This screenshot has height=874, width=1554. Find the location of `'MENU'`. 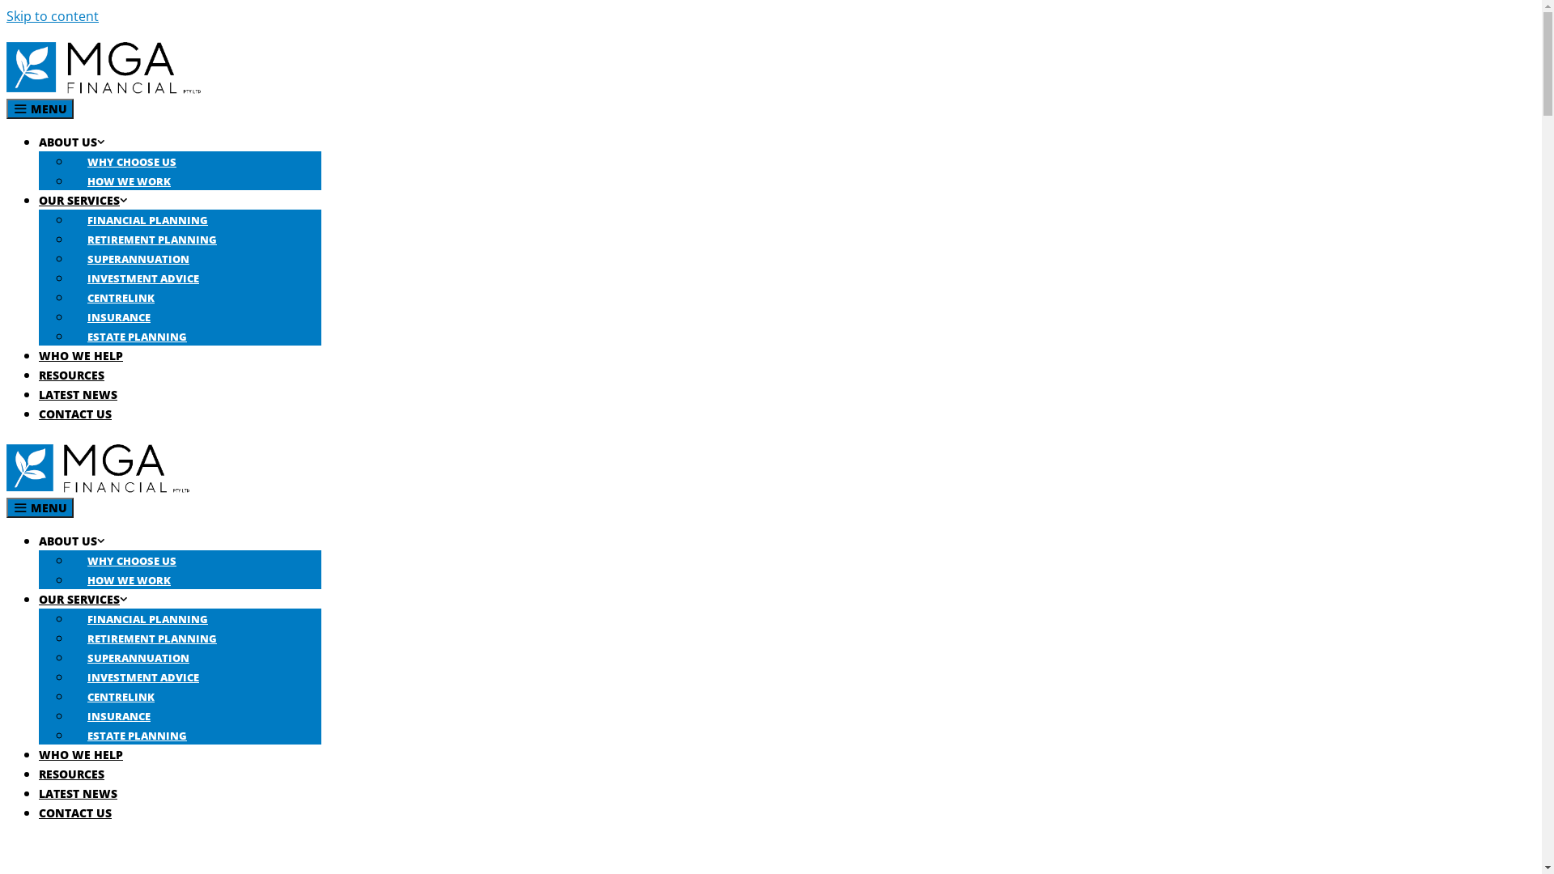

'MENU' is located at coordinates (40, 507).